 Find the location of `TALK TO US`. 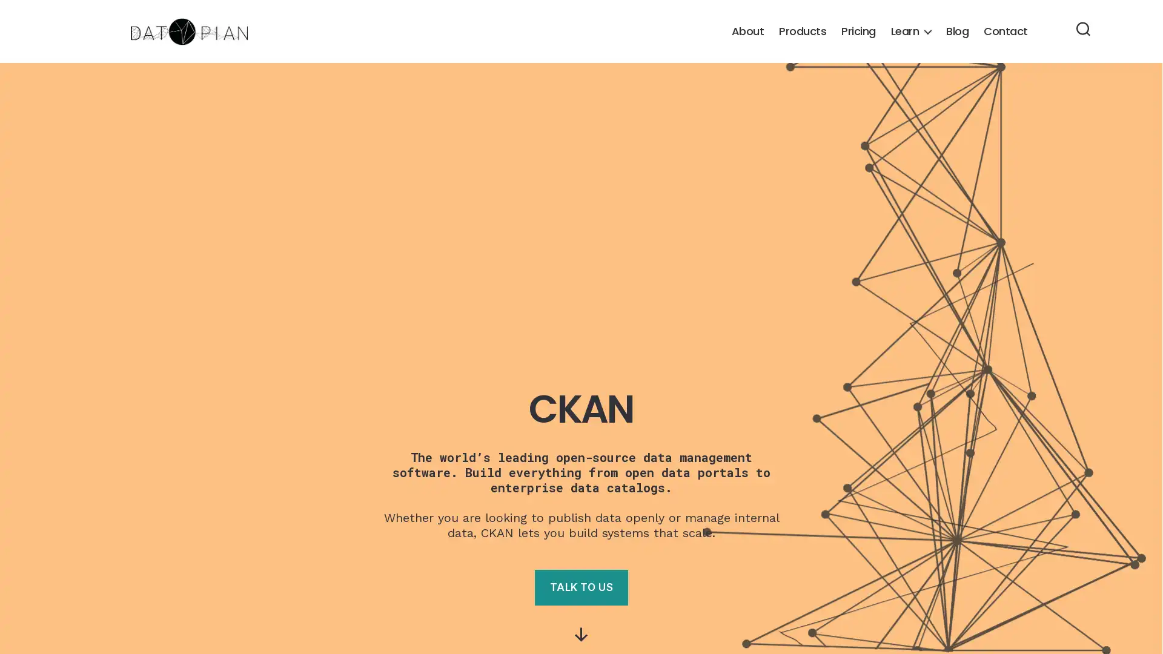

TALK TO US is located at coordinates (580, 587).